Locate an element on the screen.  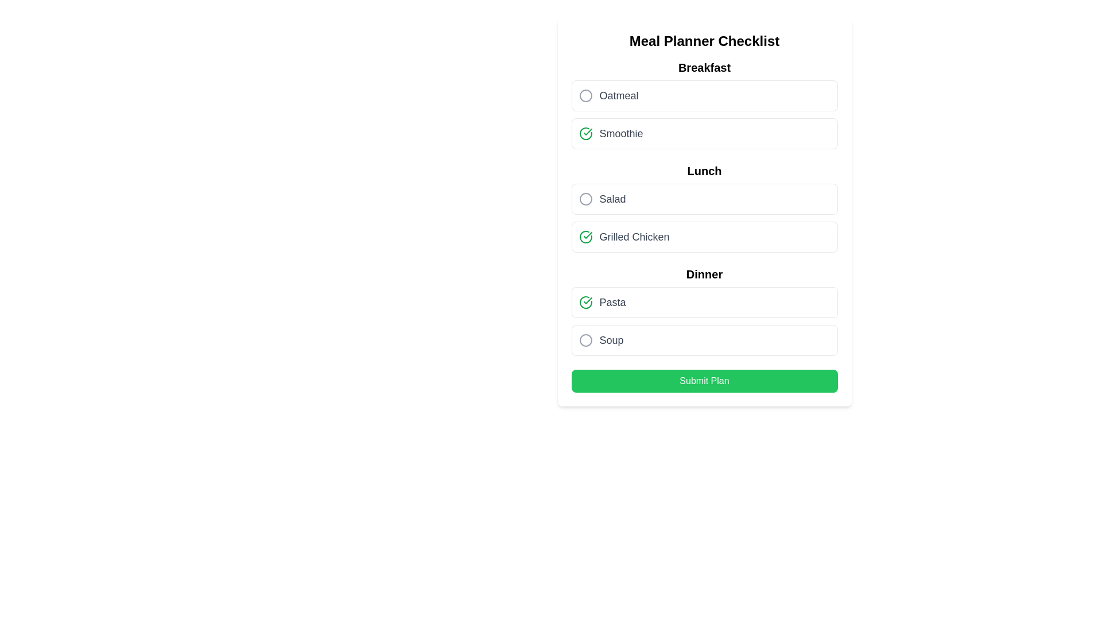
the static text label that serves as the header for dinner choices, located centrally above the meal options 'Pasta' and 'Soup' is located at coordinates (704, 274).